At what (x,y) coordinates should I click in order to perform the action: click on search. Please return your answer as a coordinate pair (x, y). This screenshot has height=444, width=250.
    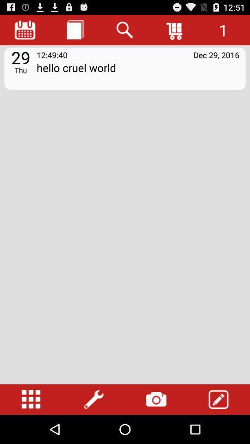
    Looking at the image, I should click on (125, 30).